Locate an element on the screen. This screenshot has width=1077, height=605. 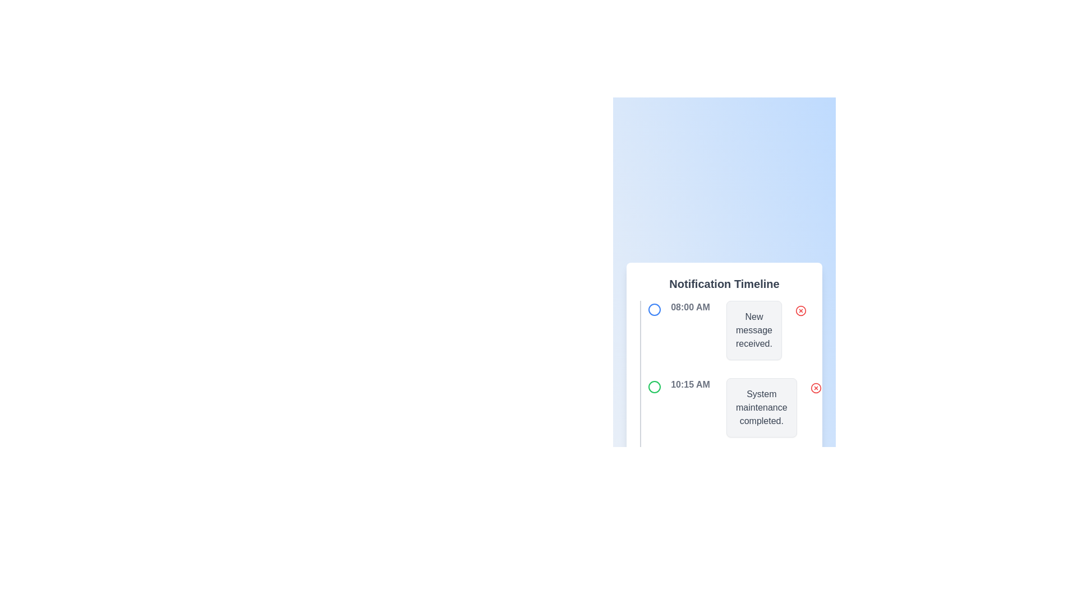
the static informational message box that displays 'System maintenance completed.' located in the timeline interface at the second entry marked '10:15 AM' is located at coordinates (761, 408).